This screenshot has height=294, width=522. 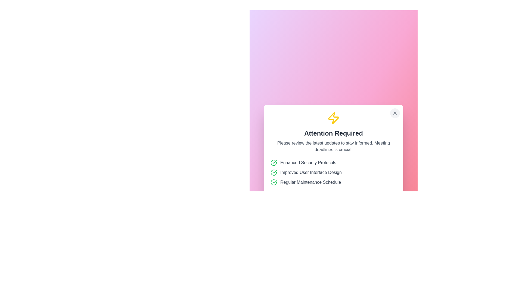 I want to click on the status indicated by the green checkmark icon, which represents a successful state within the visual group of icons, so click(x=275, y=161).